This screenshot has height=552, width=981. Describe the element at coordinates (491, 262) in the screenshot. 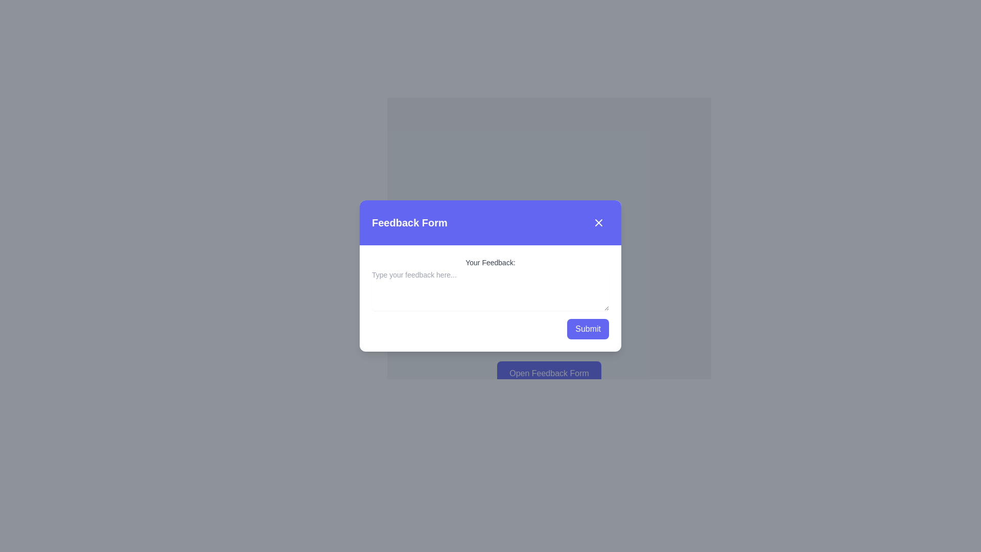

I see `text label 'Your Feedback:' which is positioned at the top of the modal dialog box, serving as a context for the feedback input area` at that location.